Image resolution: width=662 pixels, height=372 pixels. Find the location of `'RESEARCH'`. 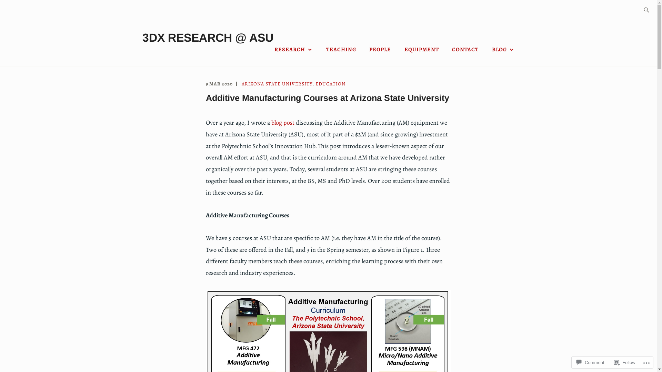

'RESEARCH' is located at coordinates (274, 49).